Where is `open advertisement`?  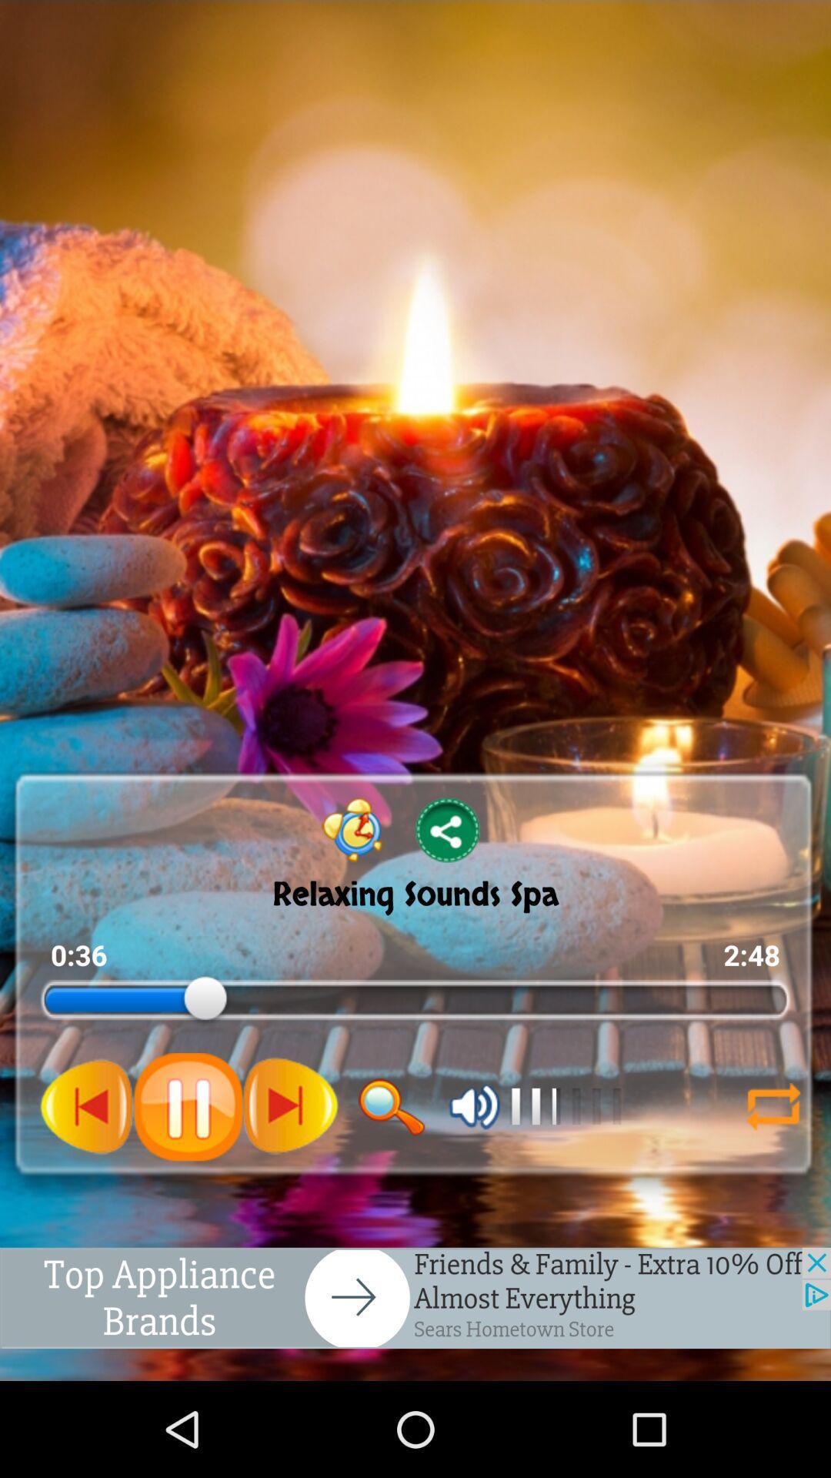
open advertisement is located at coordinates (415, 1297).